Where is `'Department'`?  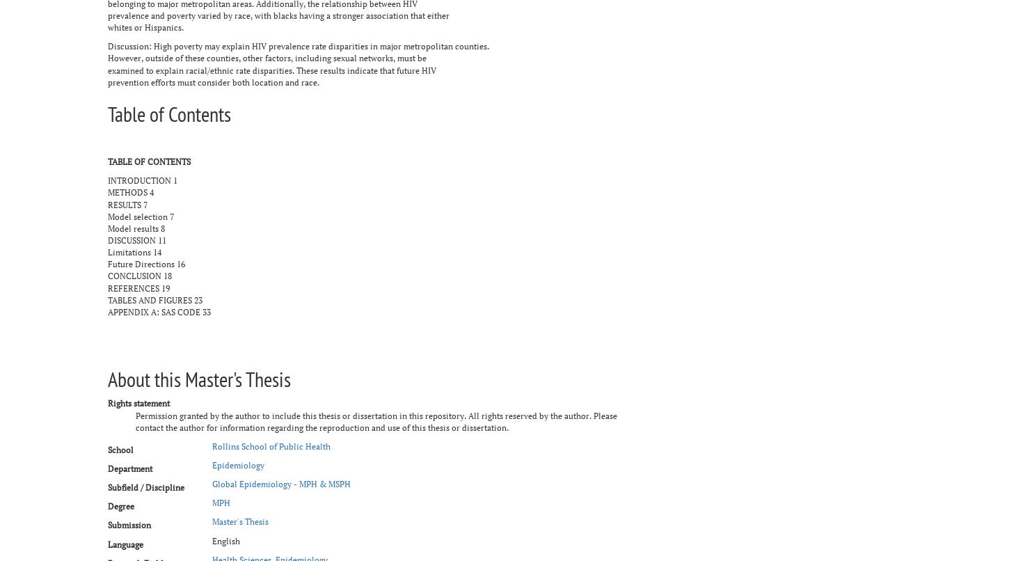 'Department' is located at coordinates (129, 468).